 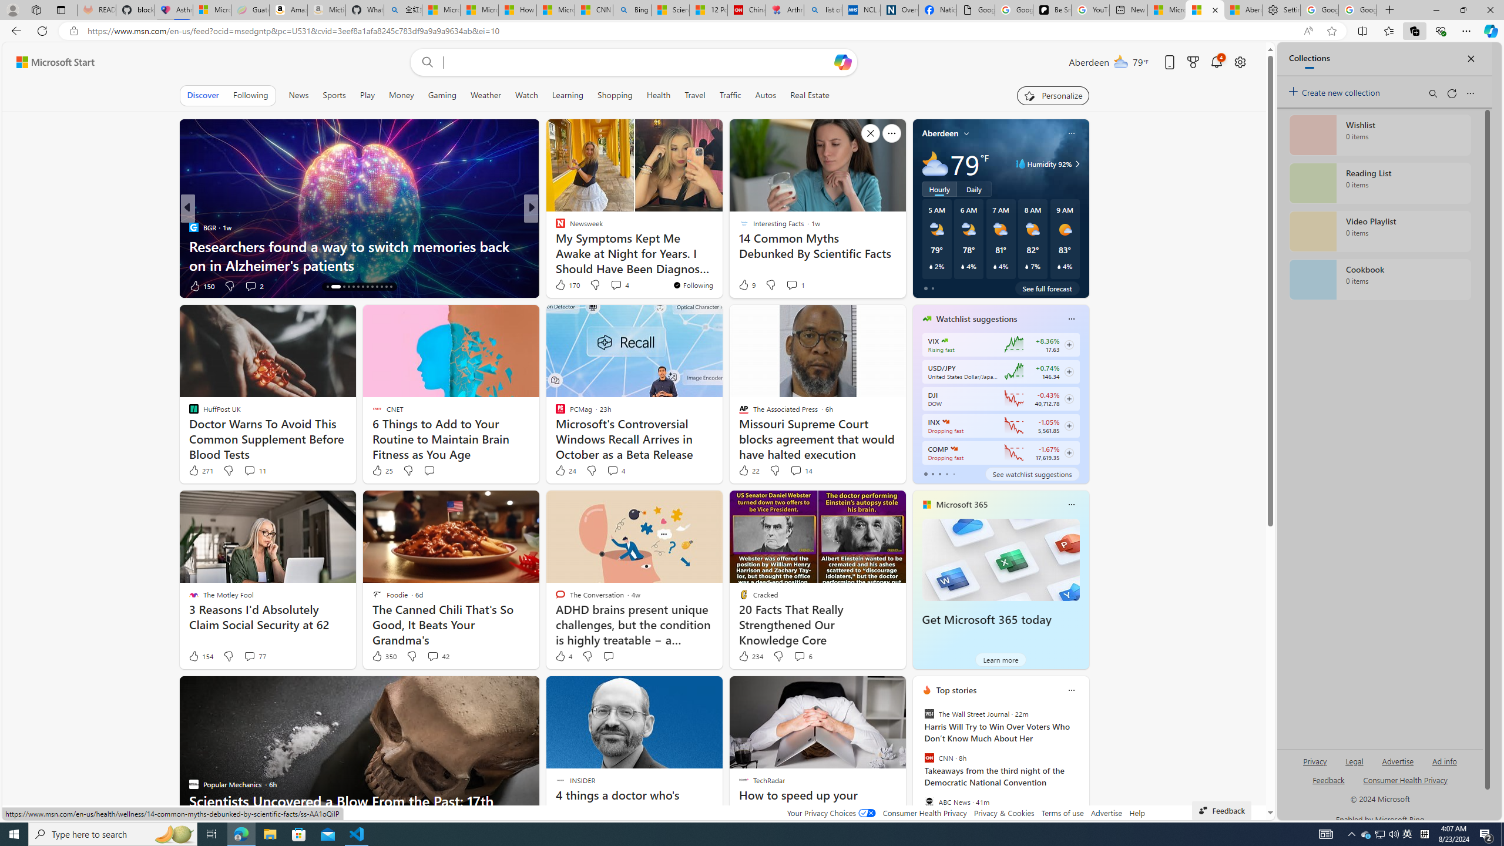 What do you see at coordinates (559, 286) in the screenshot?
I see `'3 Like'` at bounding box center [559, 286].